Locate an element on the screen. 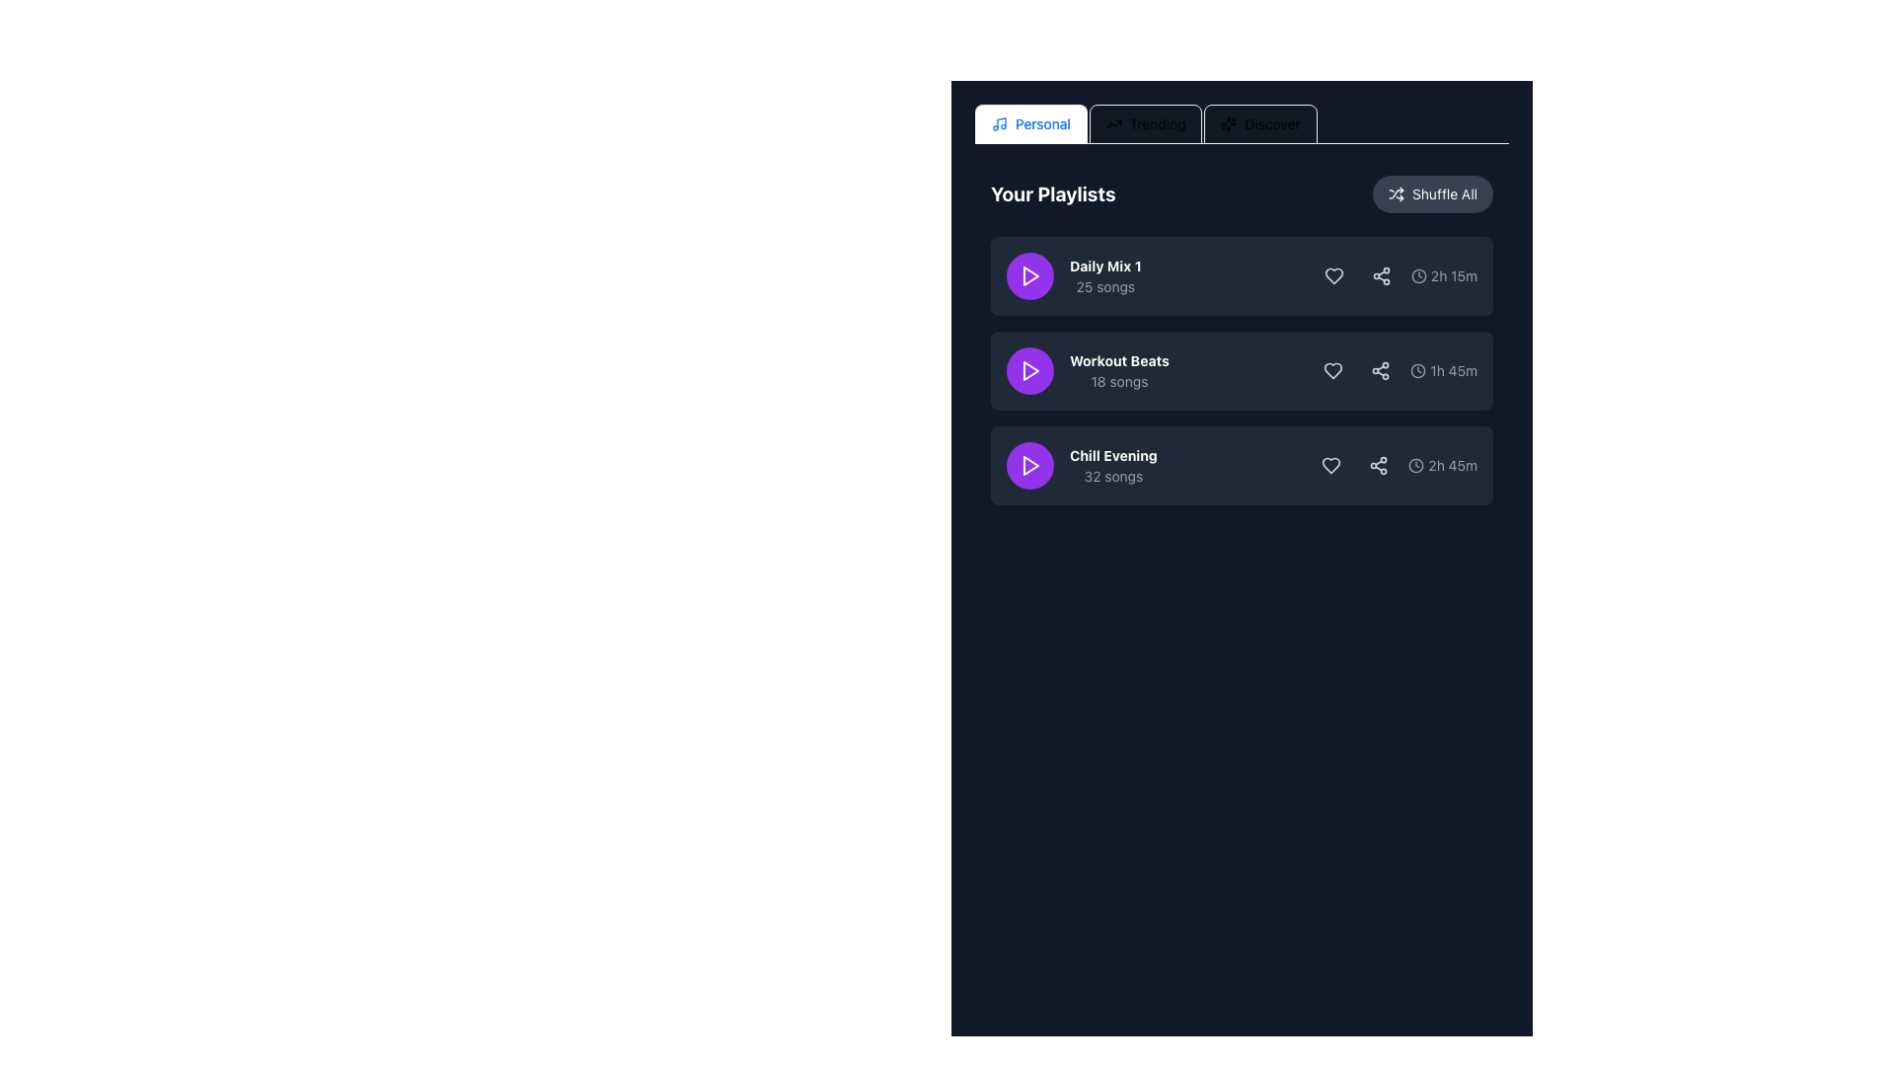  the play icon located inside the circular purple button to the left of the 'Daily Mix 1' label is located at coordinates (1028, 276).